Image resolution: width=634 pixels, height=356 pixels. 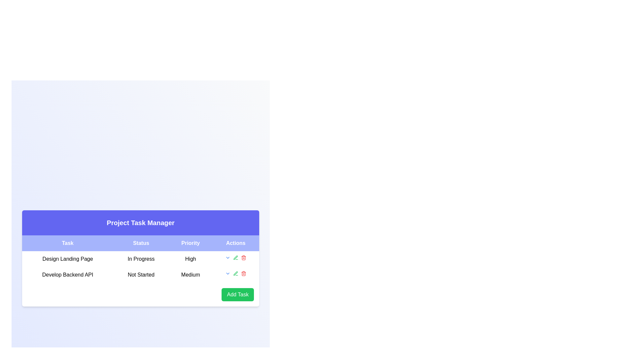 What do you see at coordinates (141, 259) in the screenshot?
I see `the text label that displays 'In Progress', which is located in the second column of the first row of the table` at bounding box center [141, 259].